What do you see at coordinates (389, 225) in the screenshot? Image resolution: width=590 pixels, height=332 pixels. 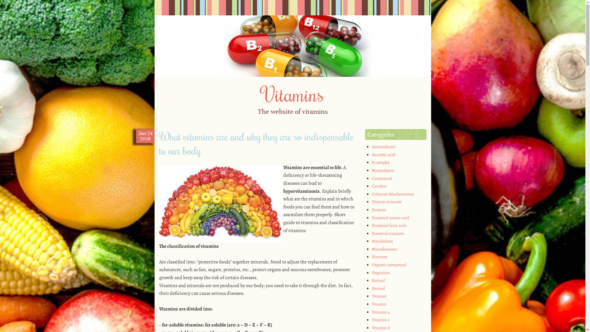 I see `'Essential fatty acid'` at bounding box center [389, 225].